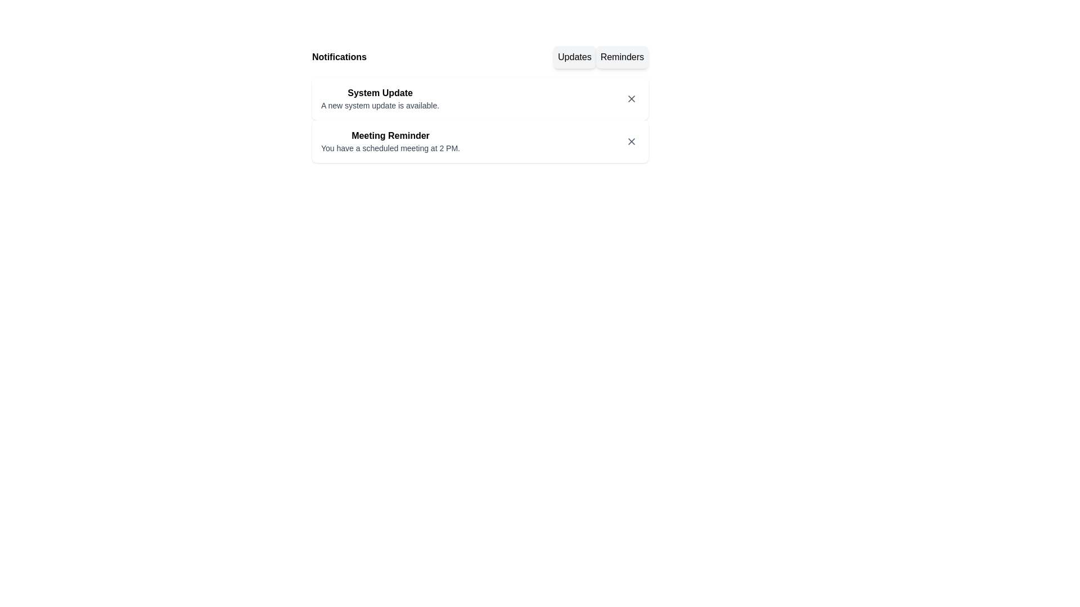 The height and width of the screenshot is (607, 1080). I want to click on the 'All Categories' button to clear the current category filter, so click(480, 57).